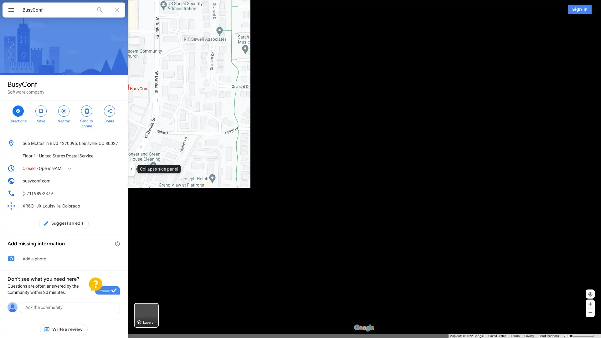  Describe the element at coordinates (86, 116) in the screenshot. I see `Send BusyConf to your phone` at that location.